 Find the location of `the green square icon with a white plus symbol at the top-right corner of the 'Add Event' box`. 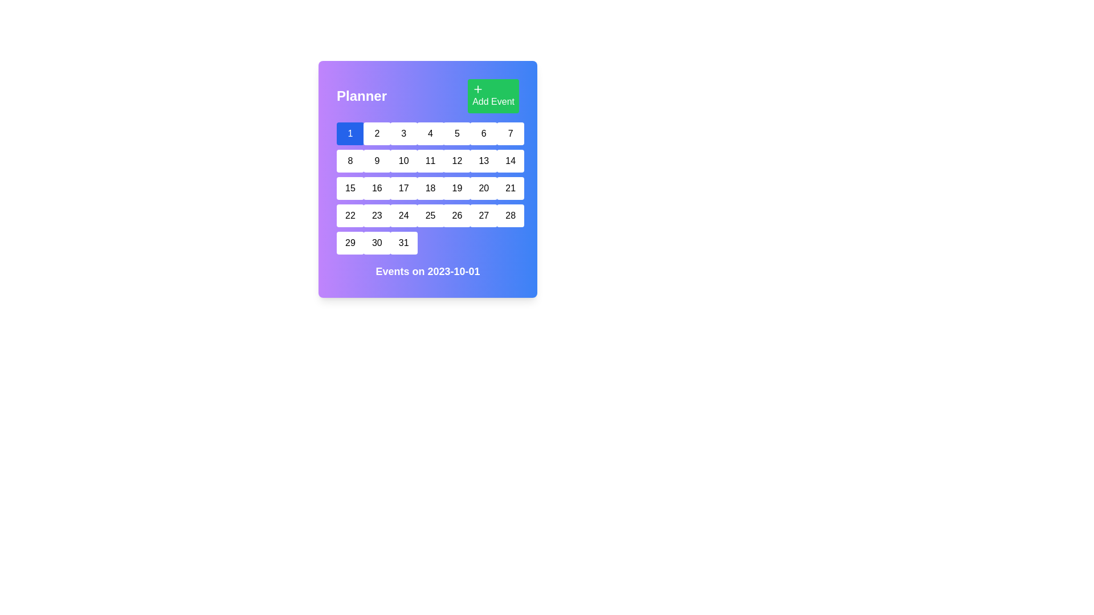

the green square icon with a white plus symbol at the top-right corner of the 'Add Event' box is located at coordinates (478, 89).